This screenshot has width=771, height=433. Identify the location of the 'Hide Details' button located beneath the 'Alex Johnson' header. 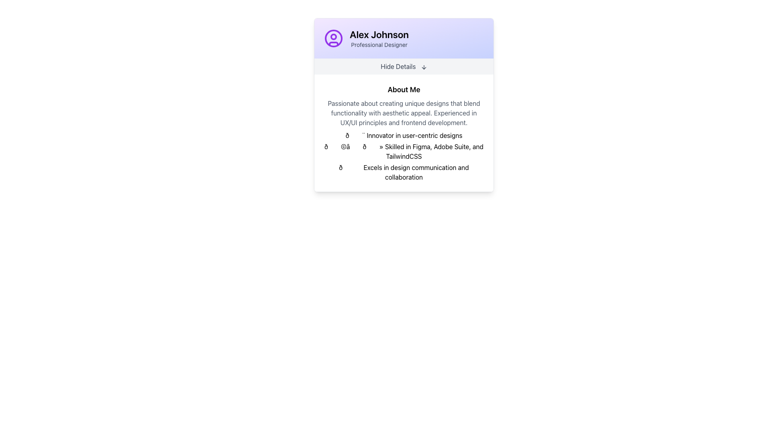
(404, 66).